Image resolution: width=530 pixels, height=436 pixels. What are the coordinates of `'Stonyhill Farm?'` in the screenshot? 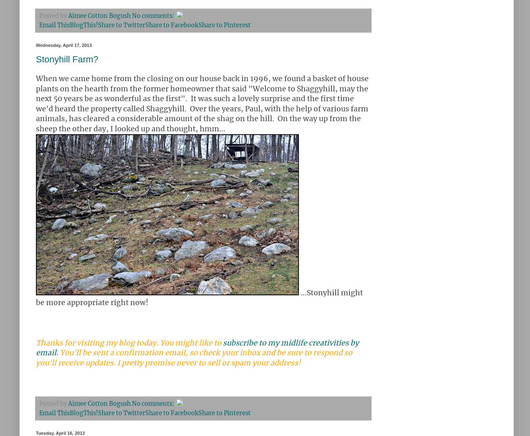 It's located at (66, 59).